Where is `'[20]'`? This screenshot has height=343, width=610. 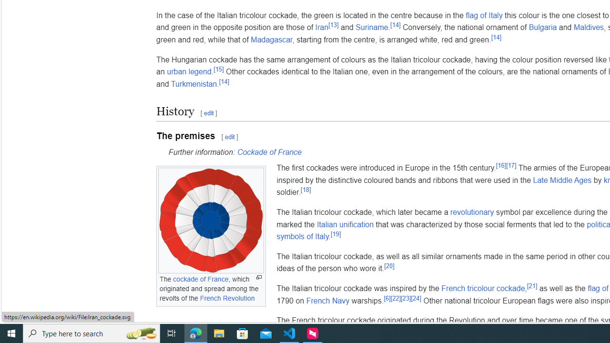
'[20]' is located at coordinates (389, 266).